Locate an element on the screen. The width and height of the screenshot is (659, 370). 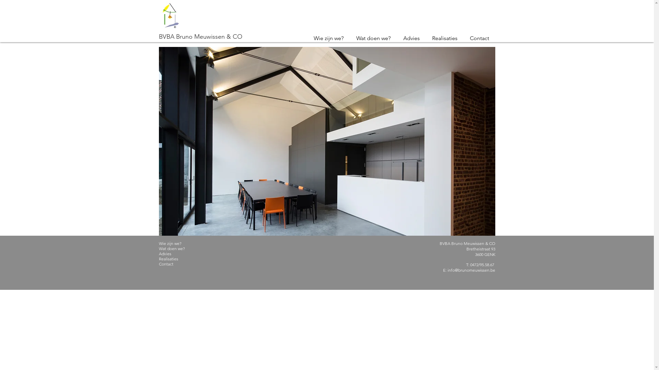
'Bruno Meuwissen logo Q-2.jpg' is located at coordinates (160, 15).